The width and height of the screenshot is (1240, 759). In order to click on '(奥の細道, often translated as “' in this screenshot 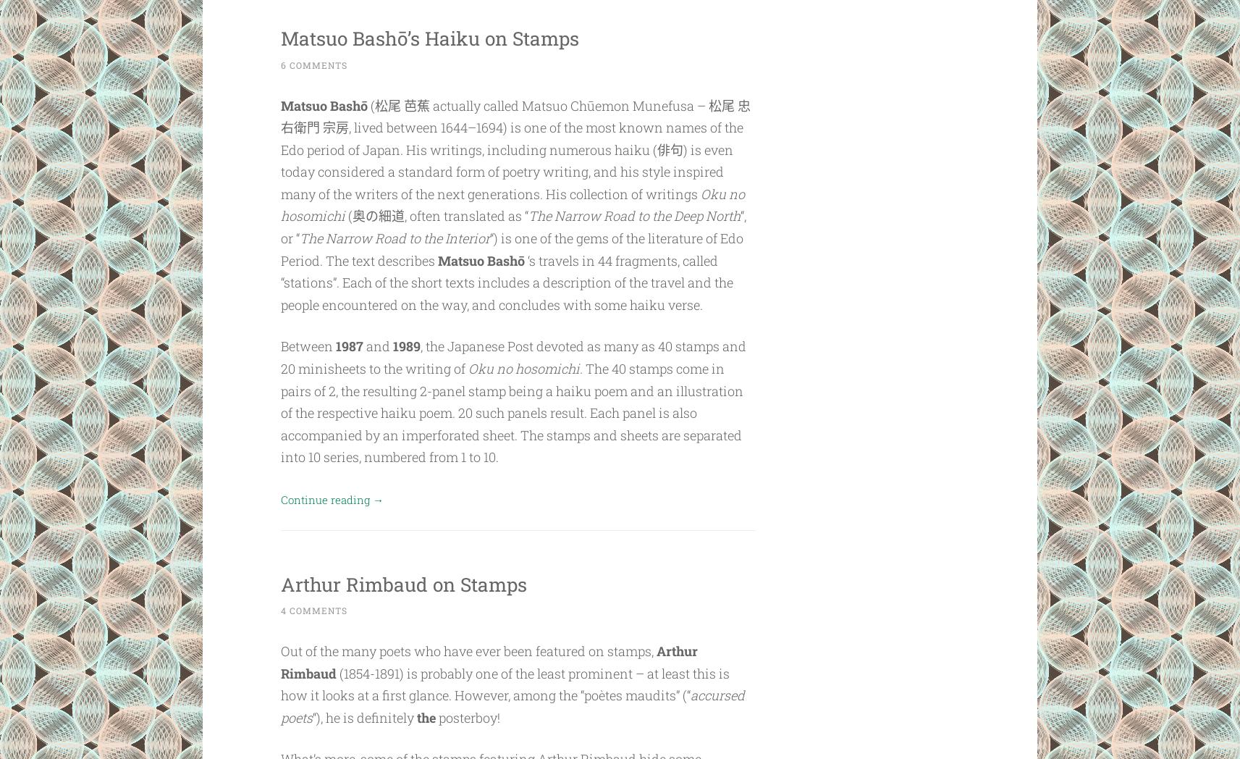, I will do `click(345, 215)`.